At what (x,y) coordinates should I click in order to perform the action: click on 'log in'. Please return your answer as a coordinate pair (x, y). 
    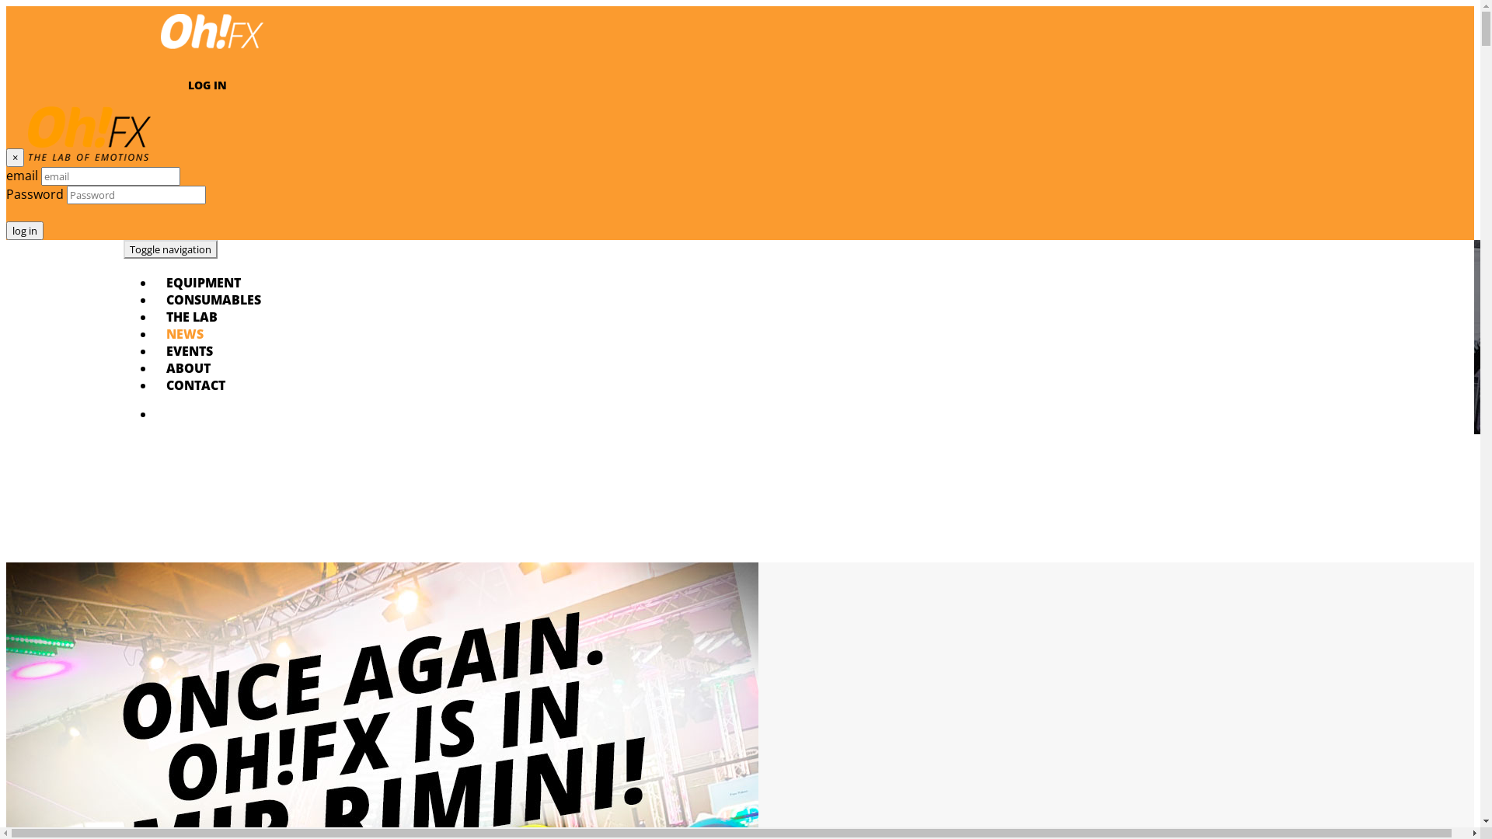
    Looking at the image, I should click on (6, 231).